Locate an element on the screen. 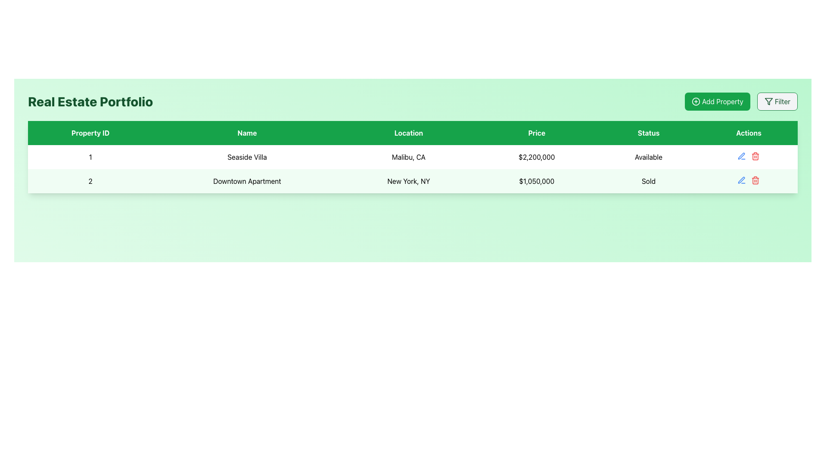 The width and height of the screenshot is (827, 465). the Table Header Cell labeled 'Price', which is the fourth cell in the header row with a solid green background and white text is located at coordinates (536, 133).